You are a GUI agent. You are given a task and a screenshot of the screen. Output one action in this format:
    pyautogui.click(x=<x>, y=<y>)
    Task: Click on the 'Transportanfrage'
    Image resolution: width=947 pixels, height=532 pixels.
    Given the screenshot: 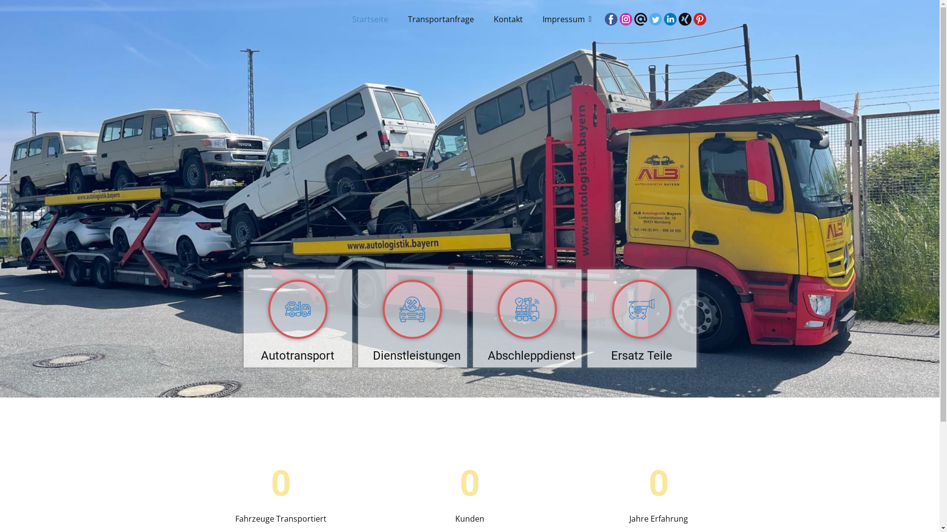 What is the action you would take?
    pyautogui.click(x=440, y=19)
    